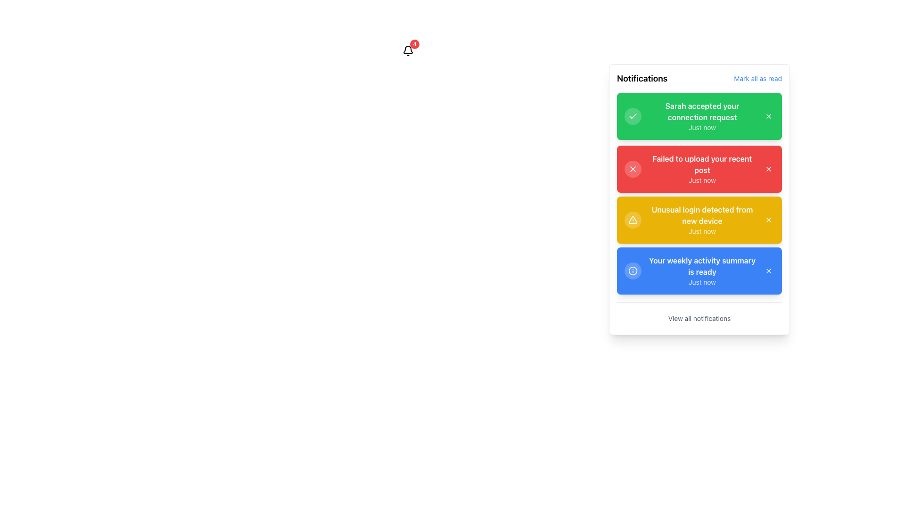 This screenshot has width=905, height=509. What do you see at coordinates (699, 318) in the screenshot?
I see `the text link at the bottom of the notification panel to change its text color` at bounding box center [699, 318].